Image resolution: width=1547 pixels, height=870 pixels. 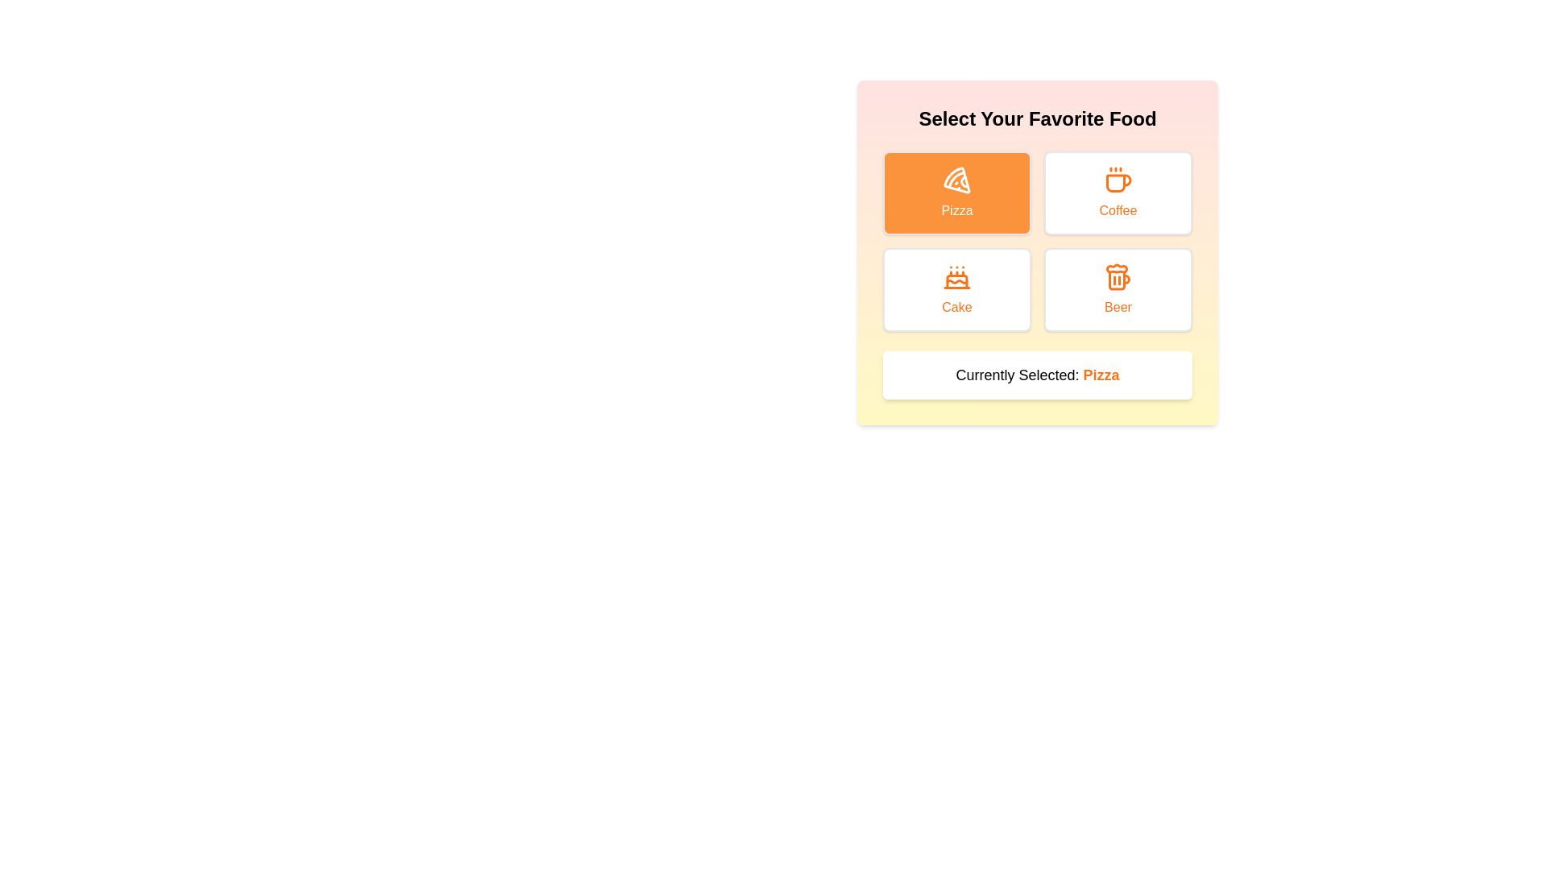 I want to click on the food item Beer by clicking its button, so click(x=1117, y=288).